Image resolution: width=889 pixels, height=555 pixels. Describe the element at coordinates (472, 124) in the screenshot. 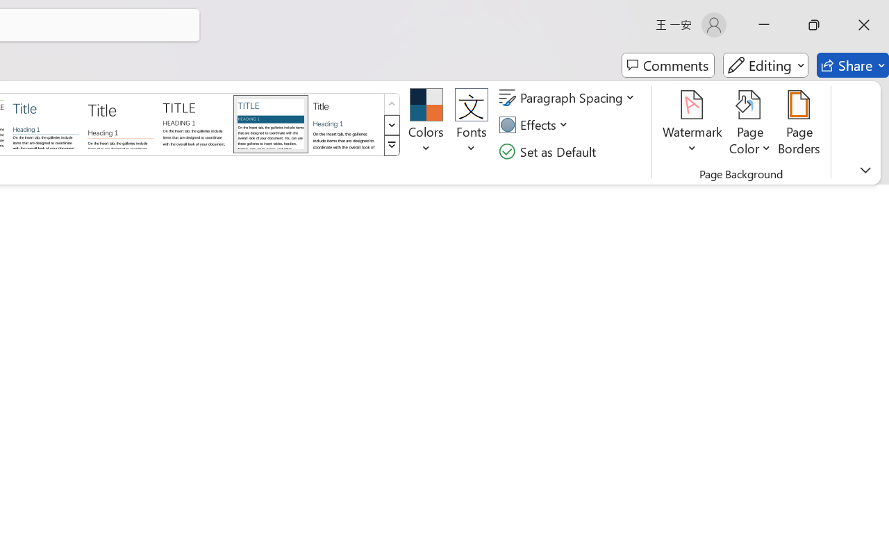

I see `'Fonts'` at that location.